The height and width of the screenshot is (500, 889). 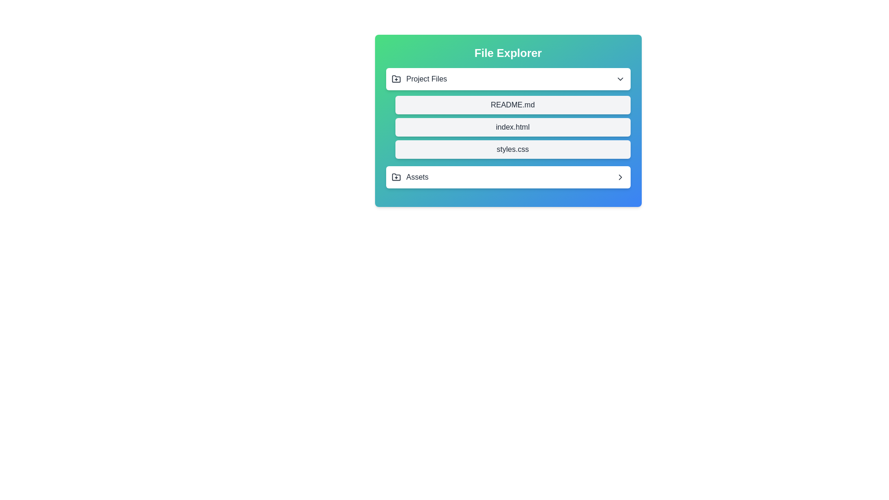 I want to click on the 'folder with addition' icon located to the left of the 'Project Files' label in the 'File Explorer' panel, so click(x=396, y=78).